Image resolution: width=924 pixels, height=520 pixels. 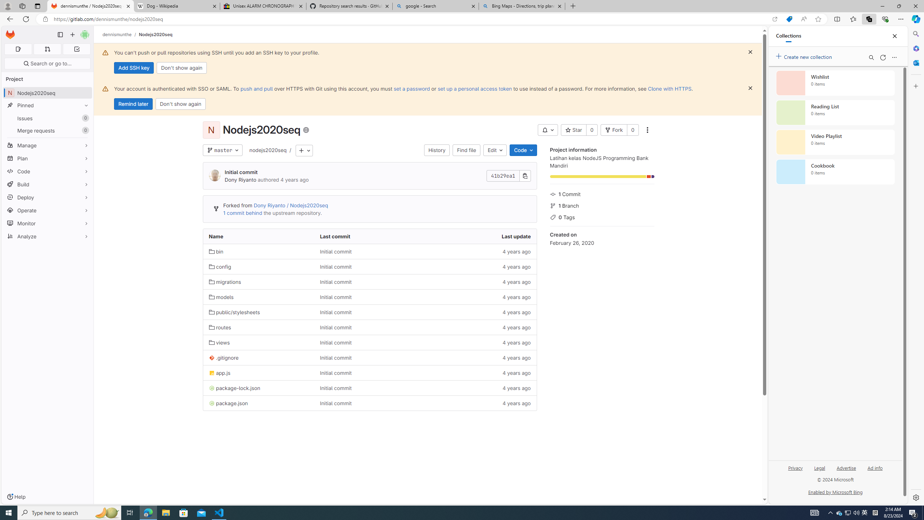 I want to click on 'Privacy', so click(x=796, y=467).